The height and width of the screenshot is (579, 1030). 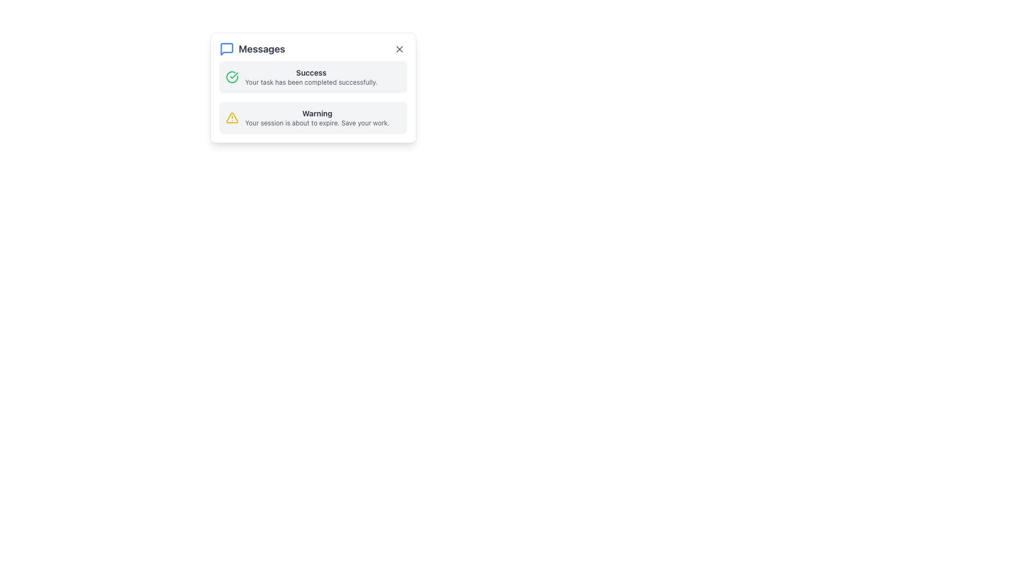 What do you see at coordinates (313, 76) in the screenshot?
I see `the first notification box with a green check mark that indicates success, which contains the message 'Your task has been completed successfully.'` at bounding box center [313, 76].